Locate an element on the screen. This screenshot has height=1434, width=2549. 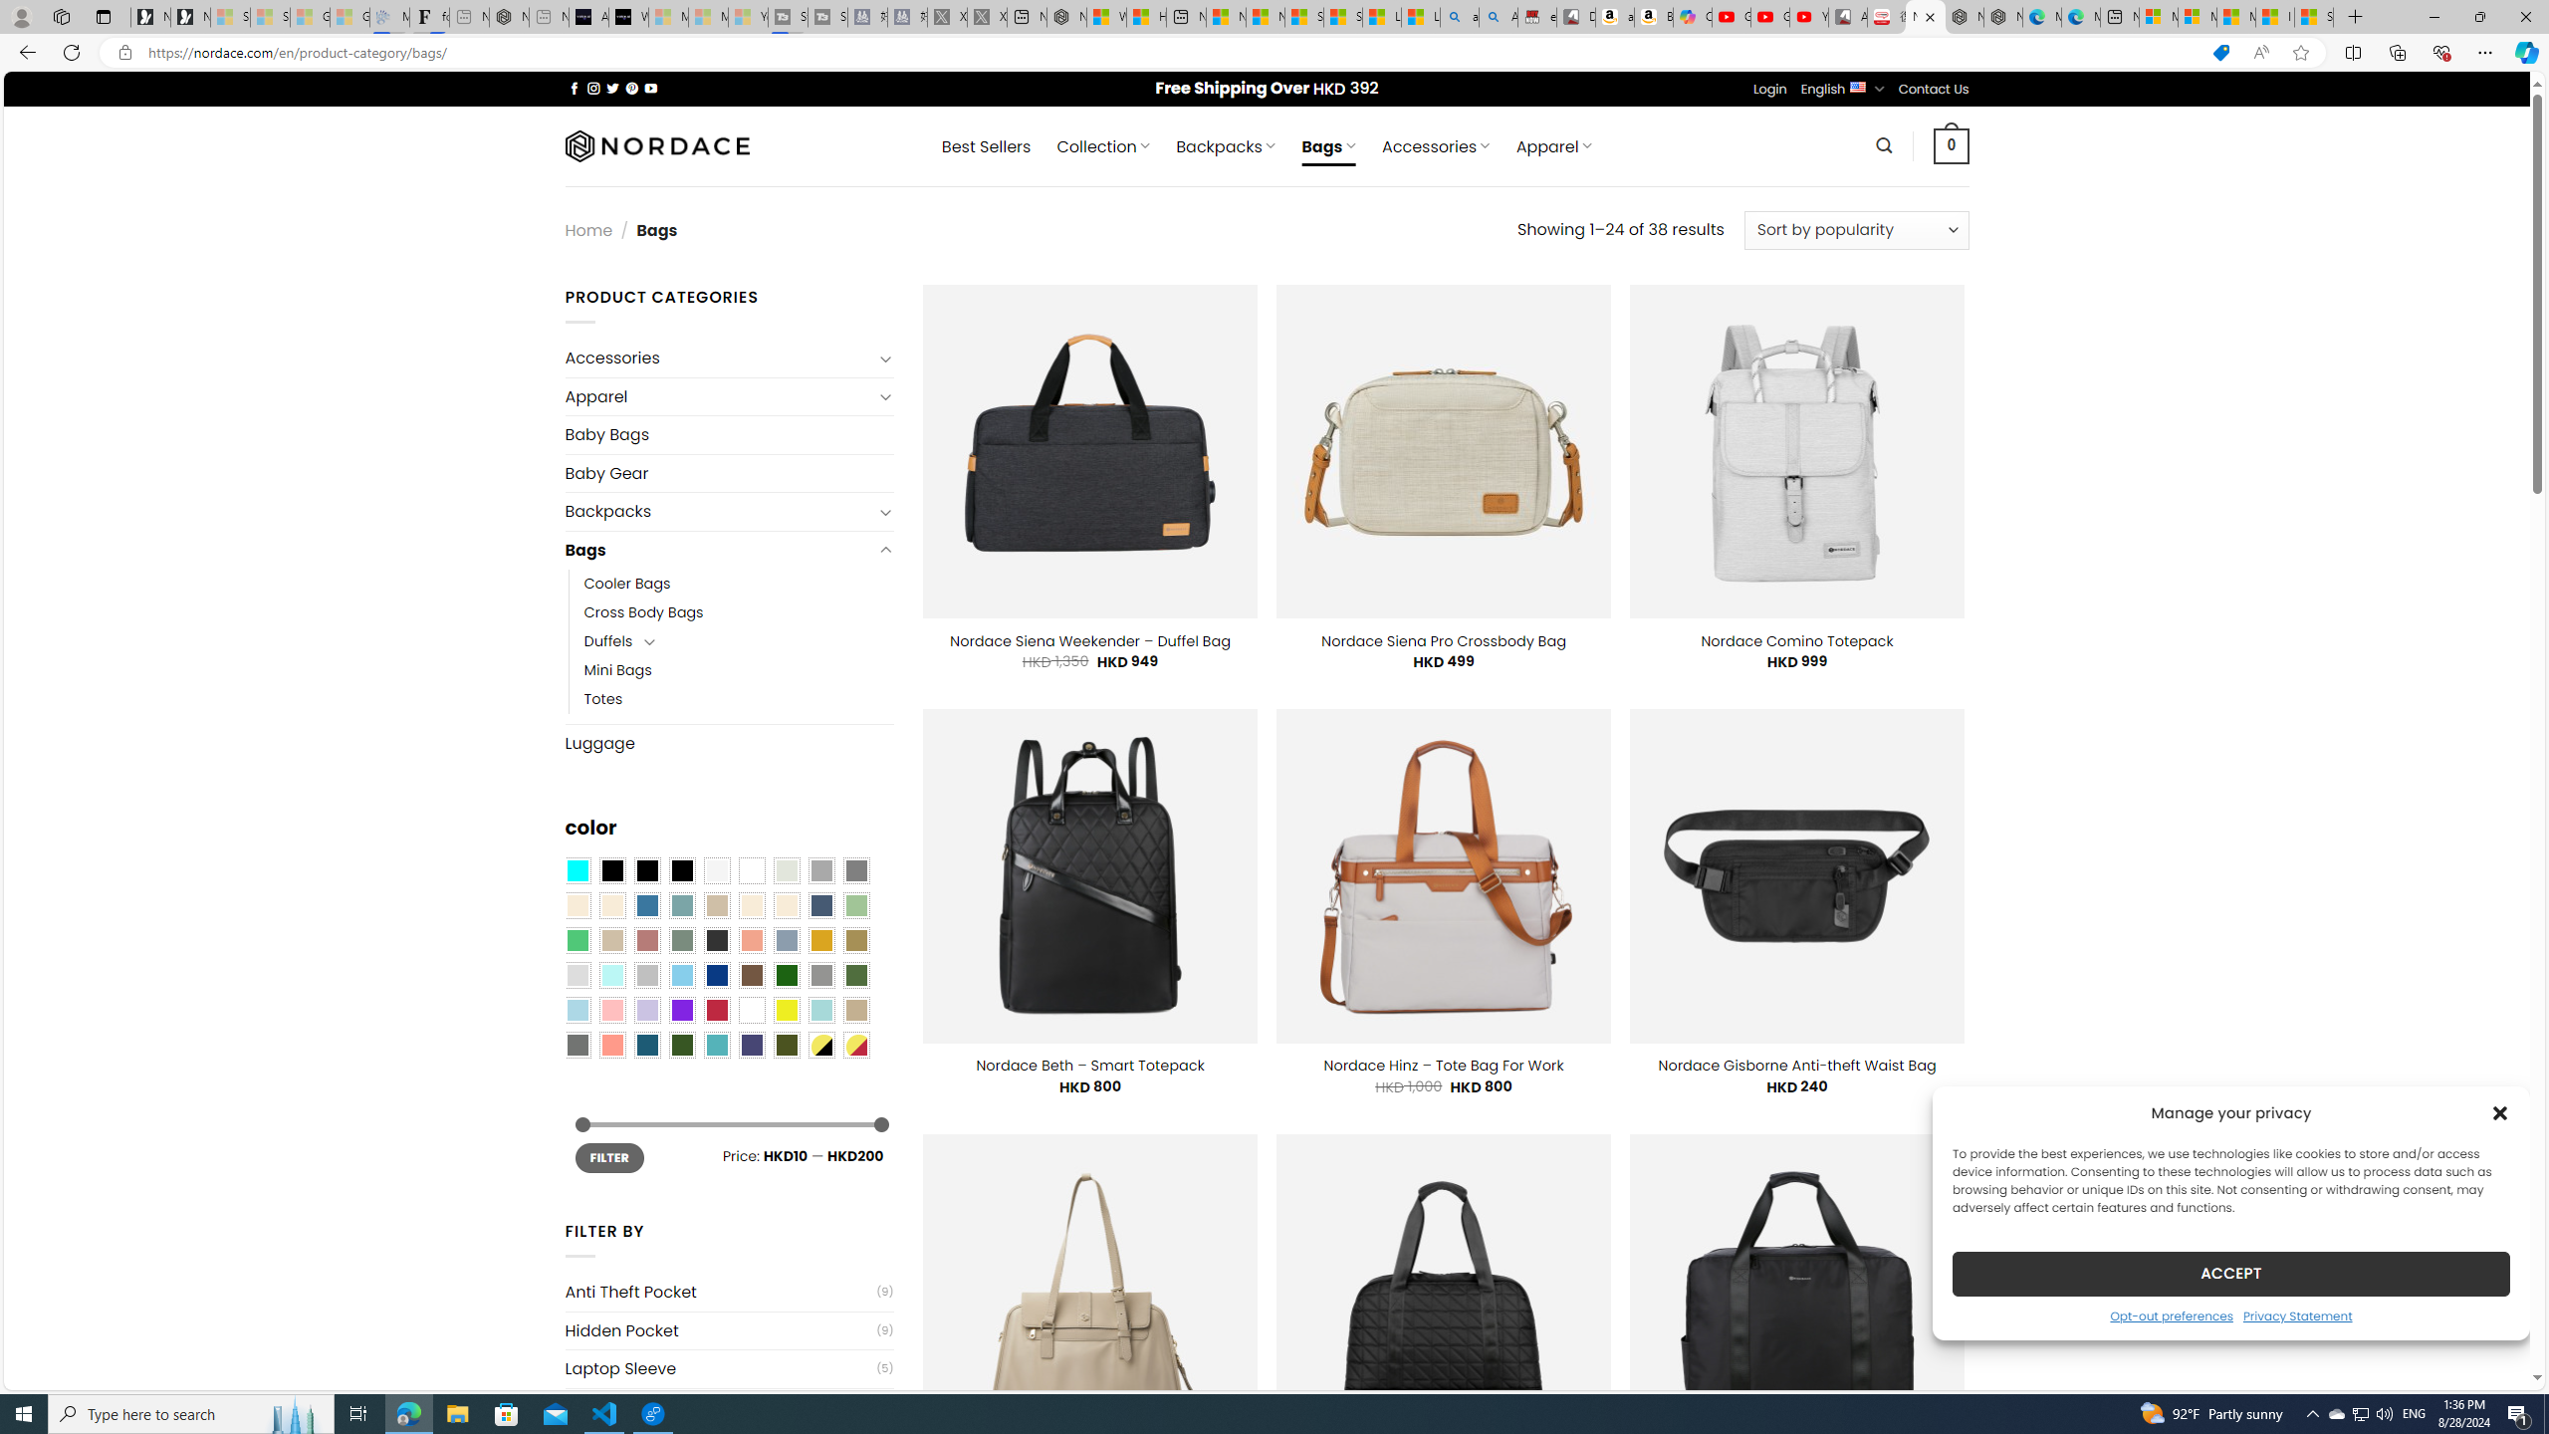
'Beige-Brown' is located at coordinates (610, 905).